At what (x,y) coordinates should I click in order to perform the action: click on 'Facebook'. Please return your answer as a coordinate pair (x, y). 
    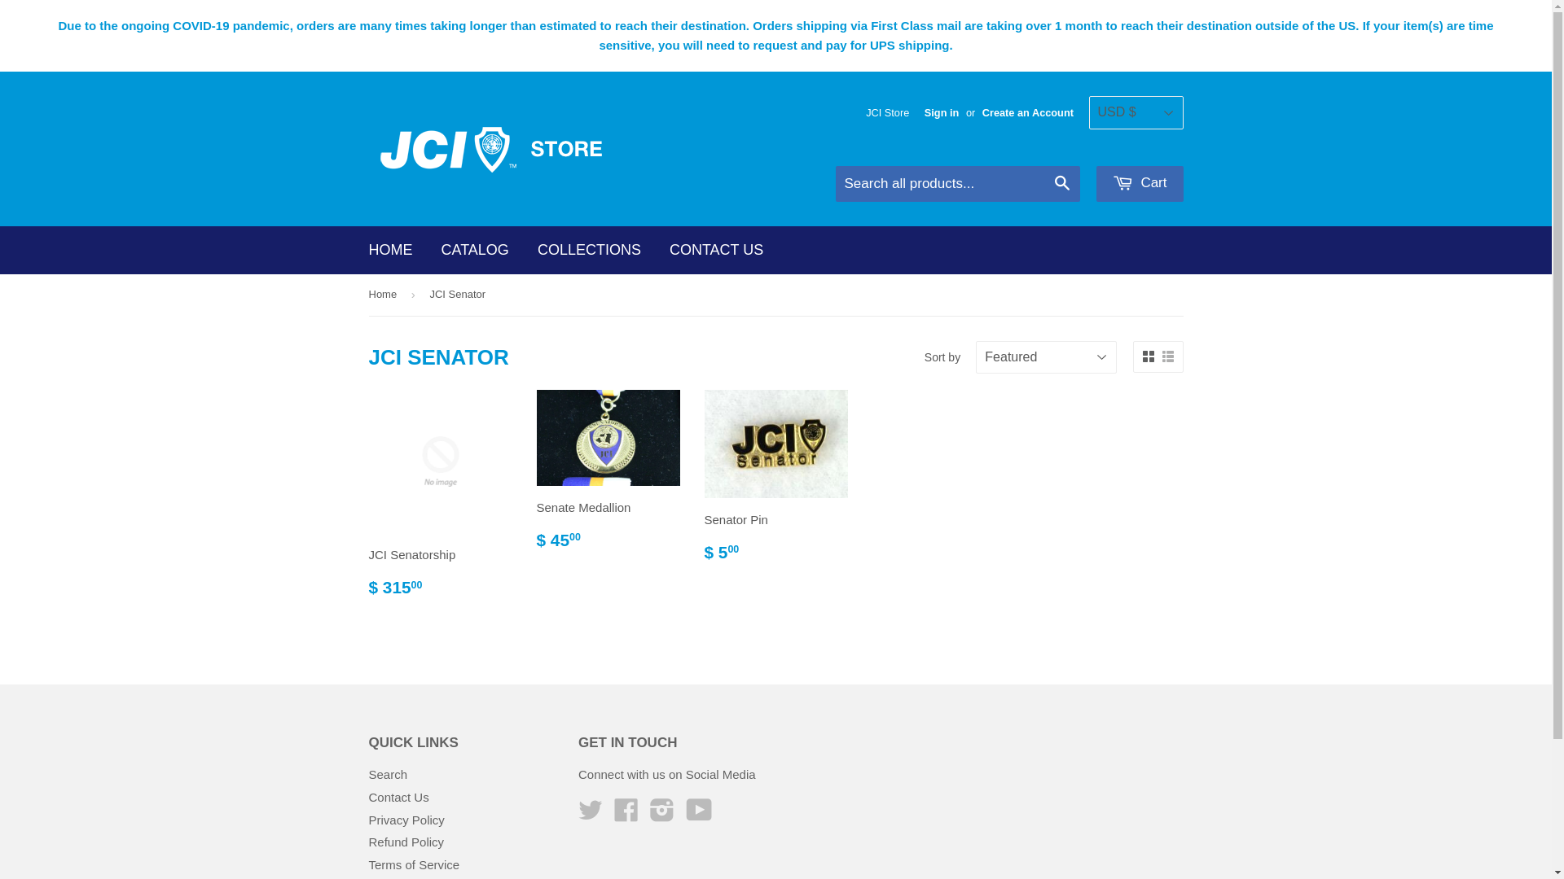
    Looking at the image, I should click on (625, 815).